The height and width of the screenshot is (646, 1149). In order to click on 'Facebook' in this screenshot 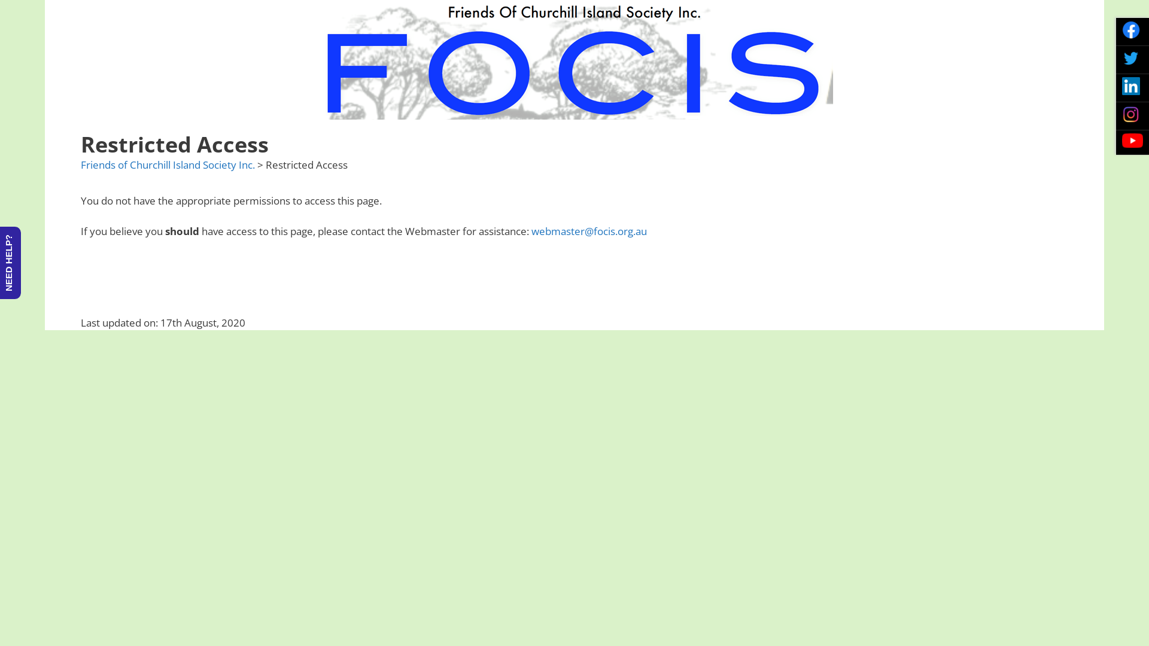, I will do `click(1130, 29)`.